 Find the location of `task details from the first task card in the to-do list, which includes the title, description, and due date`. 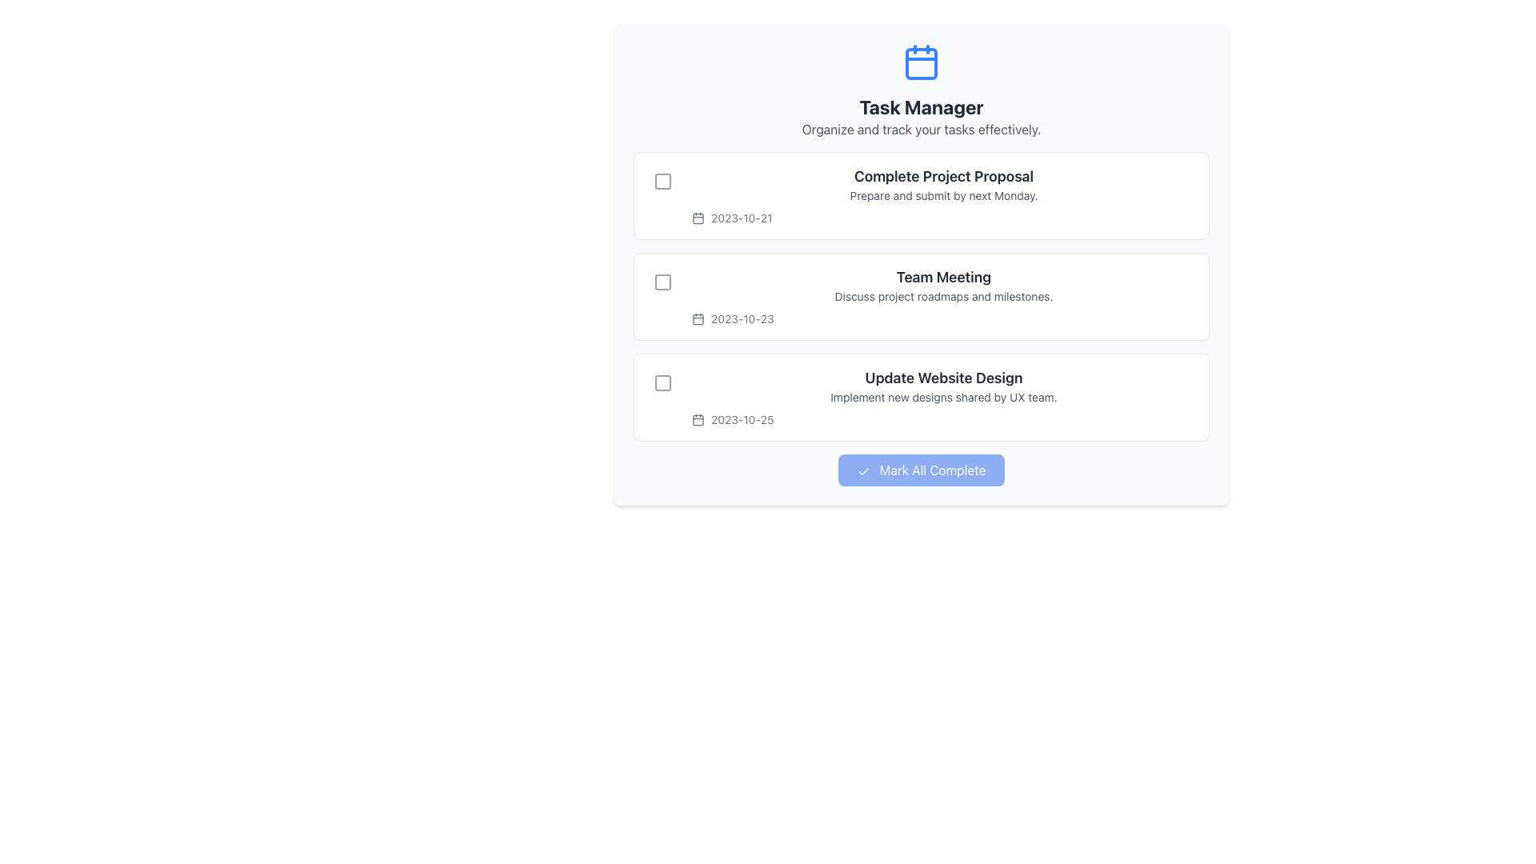

task details from the first task card in the to-do list, which includes the title, description, and due date is located at coordinates (922, 195).